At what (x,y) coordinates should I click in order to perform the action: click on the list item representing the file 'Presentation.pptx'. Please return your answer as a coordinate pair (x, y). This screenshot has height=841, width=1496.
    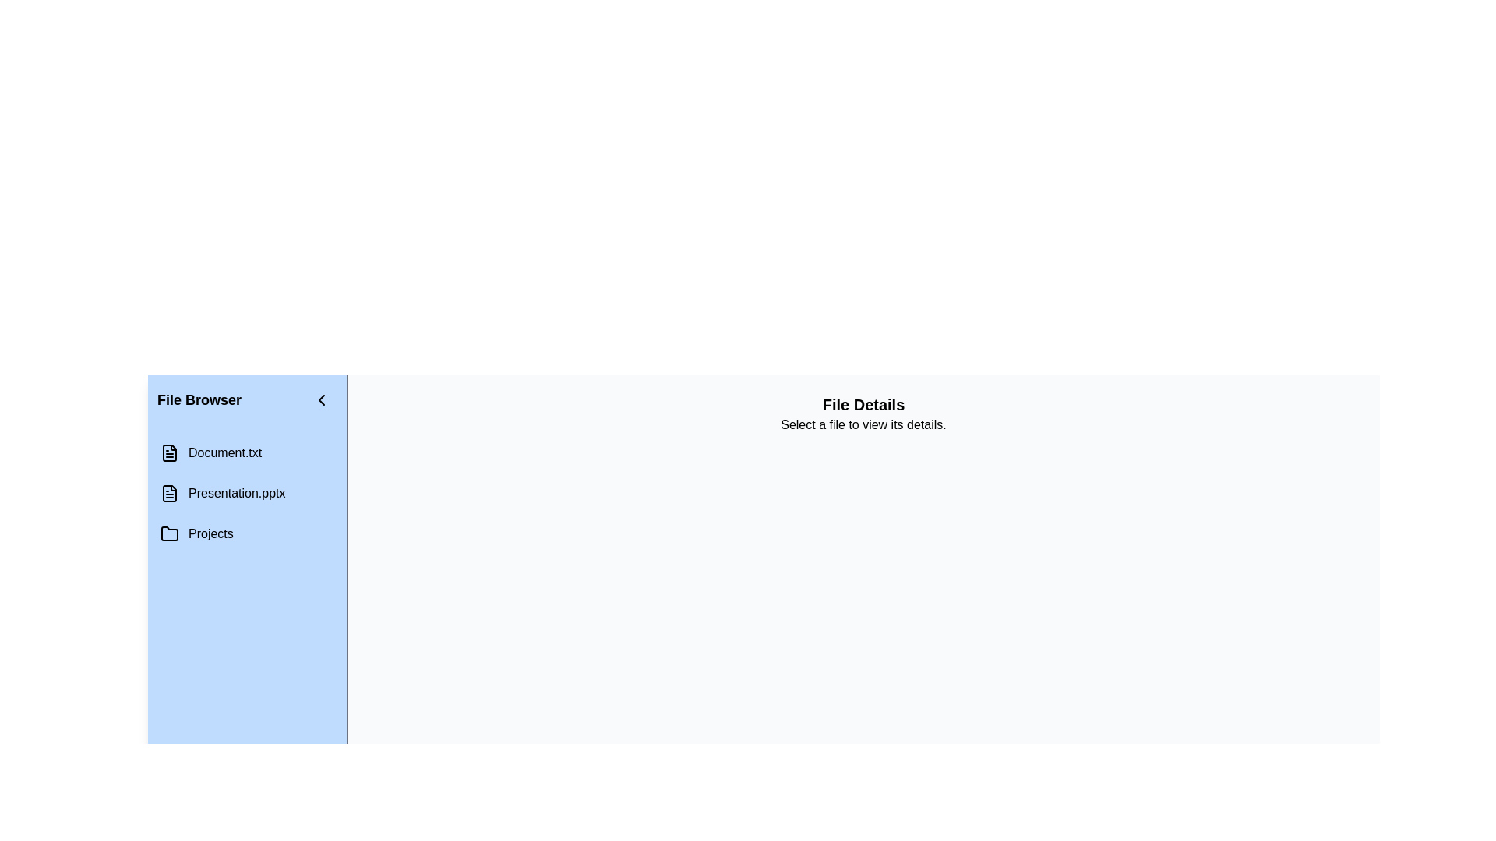
    Looking at the image, I should click on (246, 493).